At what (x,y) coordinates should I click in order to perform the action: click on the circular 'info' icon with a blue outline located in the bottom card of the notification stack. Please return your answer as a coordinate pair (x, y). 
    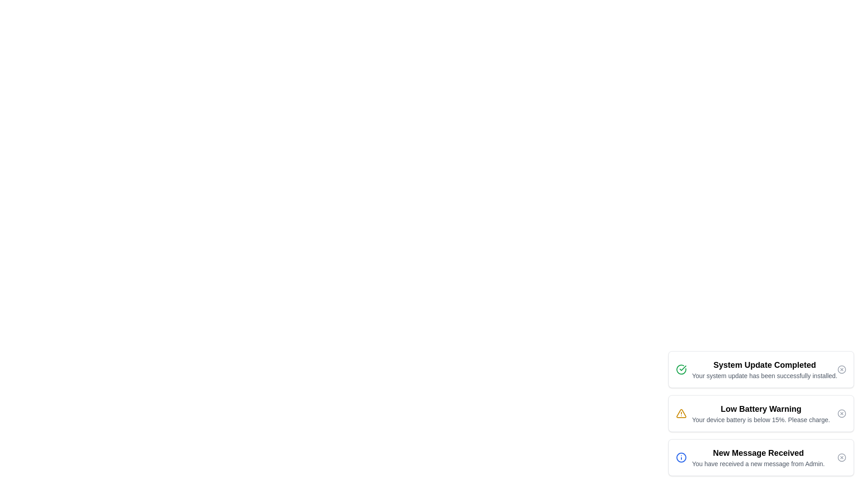
    Looking at the image, I should click on (681, 457).